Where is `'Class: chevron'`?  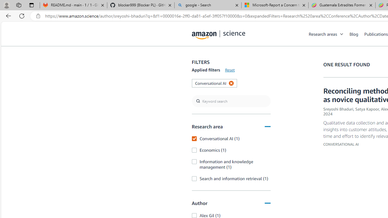
'Class: chevron' is located at coordinates (342, 35).